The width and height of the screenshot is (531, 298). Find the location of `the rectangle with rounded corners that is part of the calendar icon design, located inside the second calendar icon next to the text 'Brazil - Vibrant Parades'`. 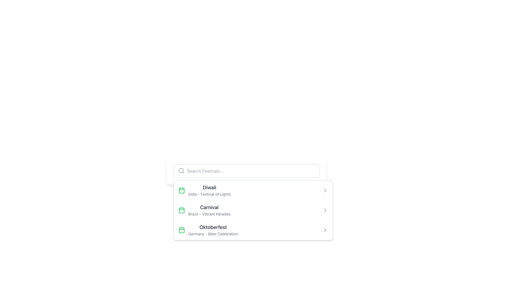

the rectangle with rounded corners that is part of the calendar icon design, located inside the second calendar icon next to the text 'Brazil - Vibrant Parades' is located at coordinates (181, 211).